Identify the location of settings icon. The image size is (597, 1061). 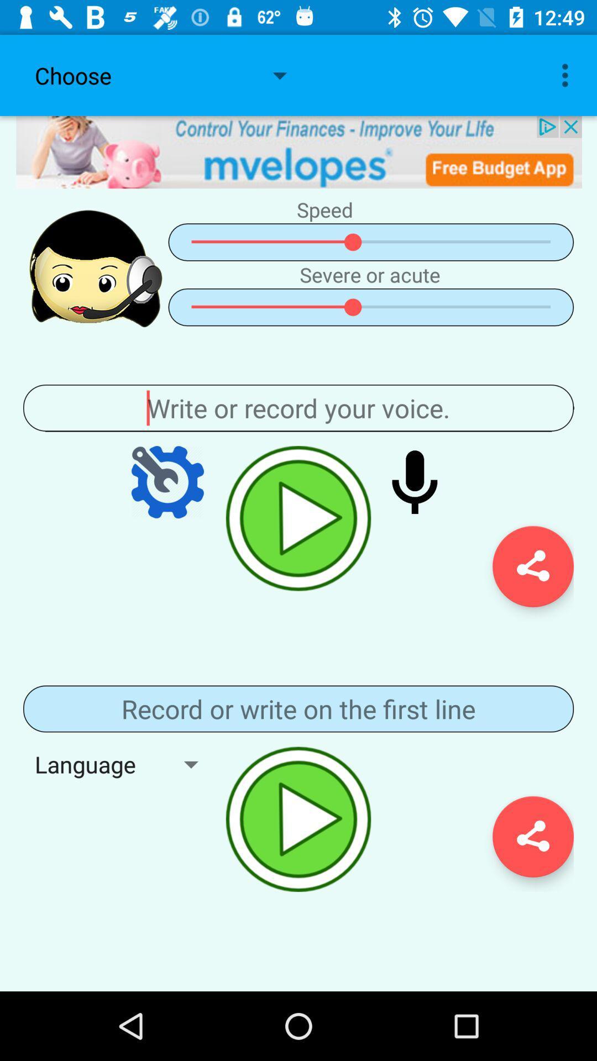
(532, 566).